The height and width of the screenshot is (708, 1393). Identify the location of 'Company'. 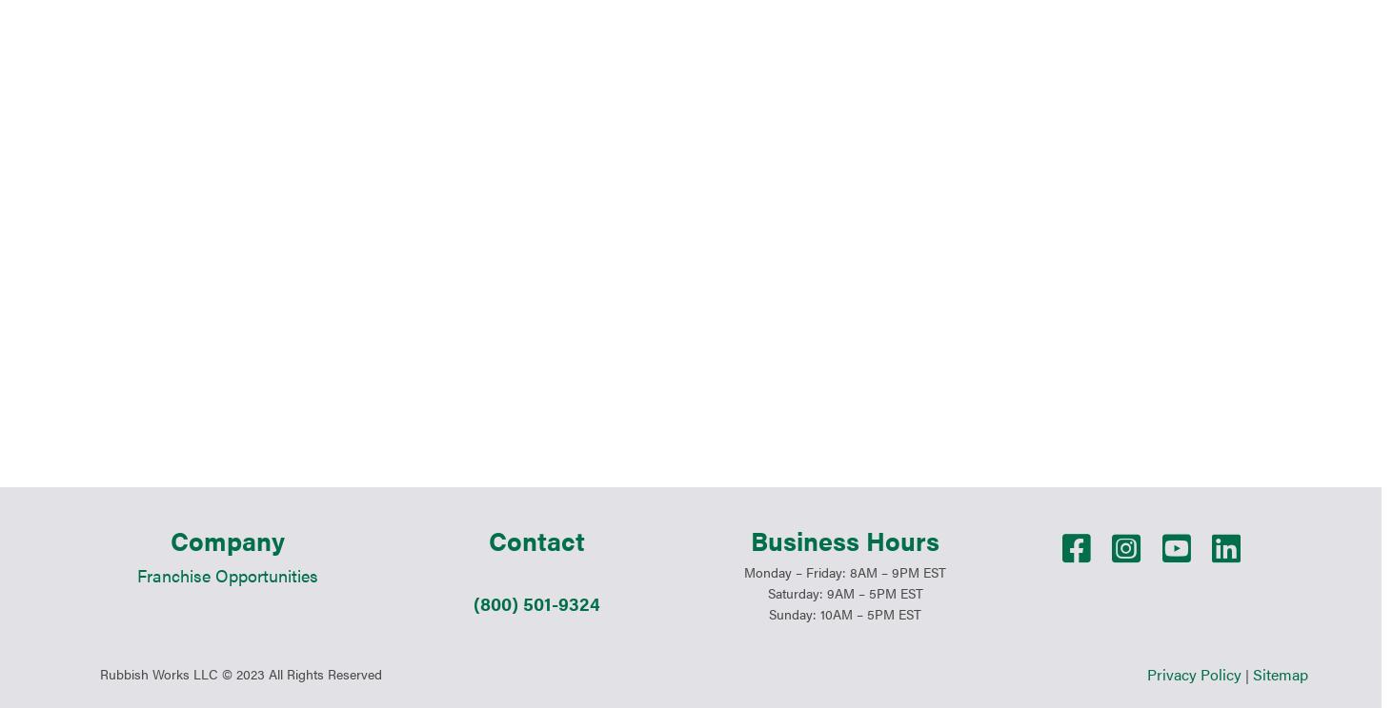
(228, 348).